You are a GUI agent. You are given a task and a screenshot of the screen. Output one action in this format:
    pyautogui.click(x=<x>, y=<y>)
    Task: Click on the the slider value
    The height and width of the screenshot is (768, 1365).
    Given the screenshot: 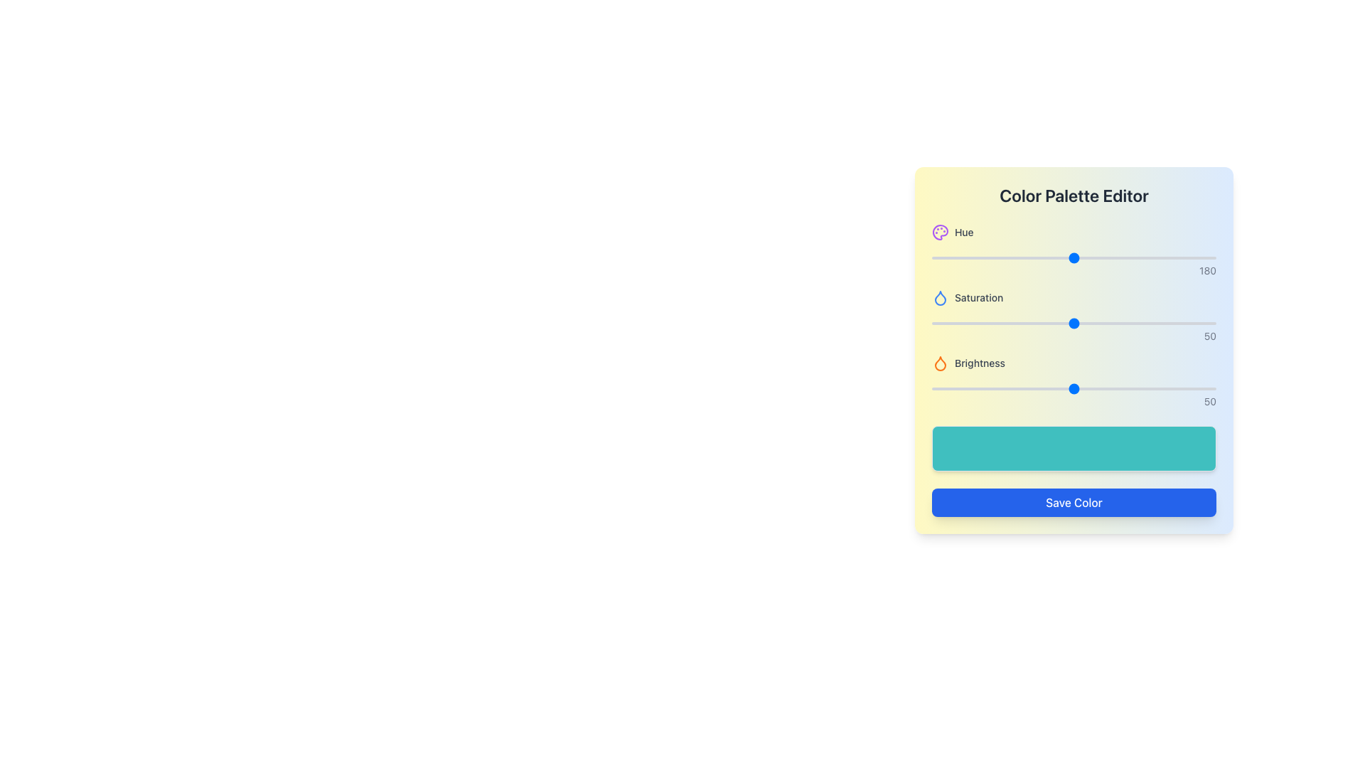 What is the action you would take?
    pyautogui.click(x=1019, y=324)
    